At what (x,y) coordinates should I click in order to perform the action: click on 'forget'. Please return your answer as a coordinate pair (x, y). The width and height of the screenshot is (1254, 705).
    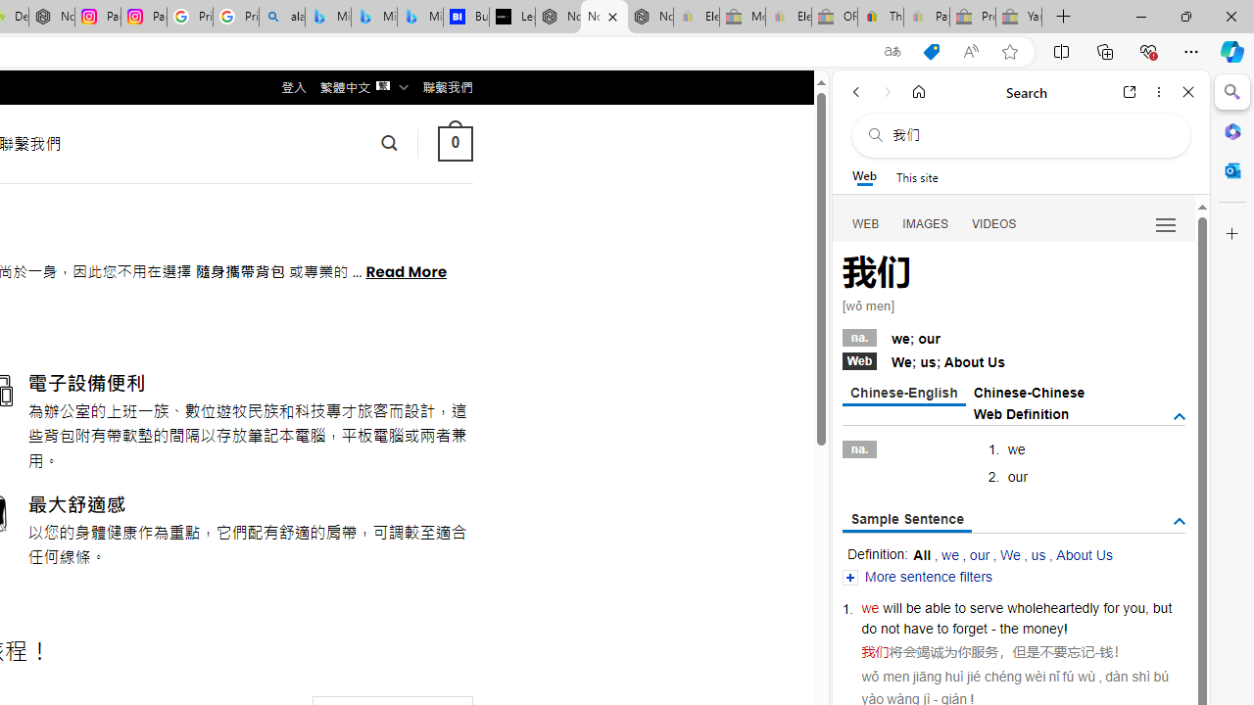
    Looking at the image, I should click on (970, 629).